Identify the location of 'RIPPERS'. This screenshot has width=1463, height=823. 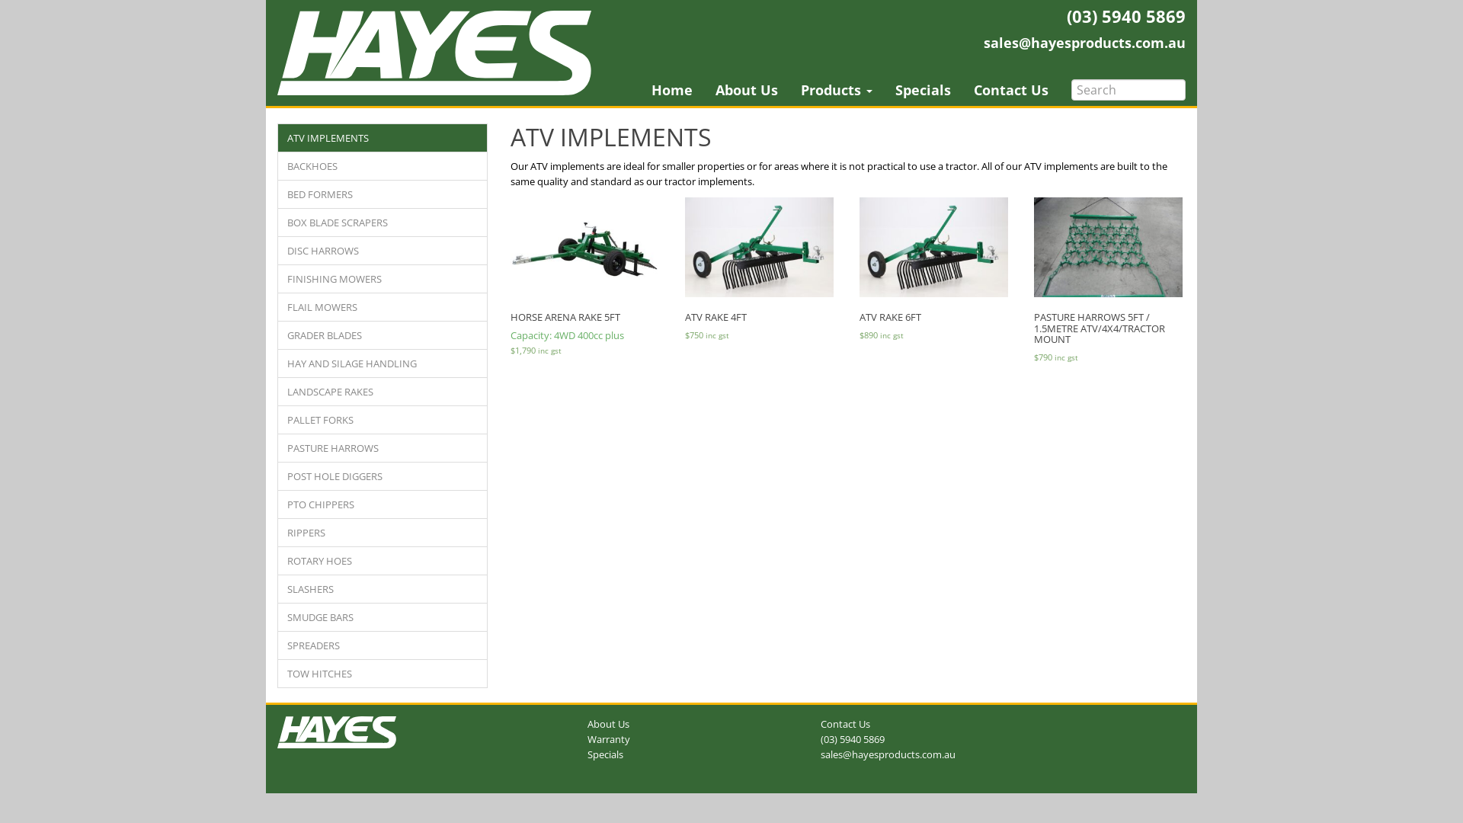
(383, 531).